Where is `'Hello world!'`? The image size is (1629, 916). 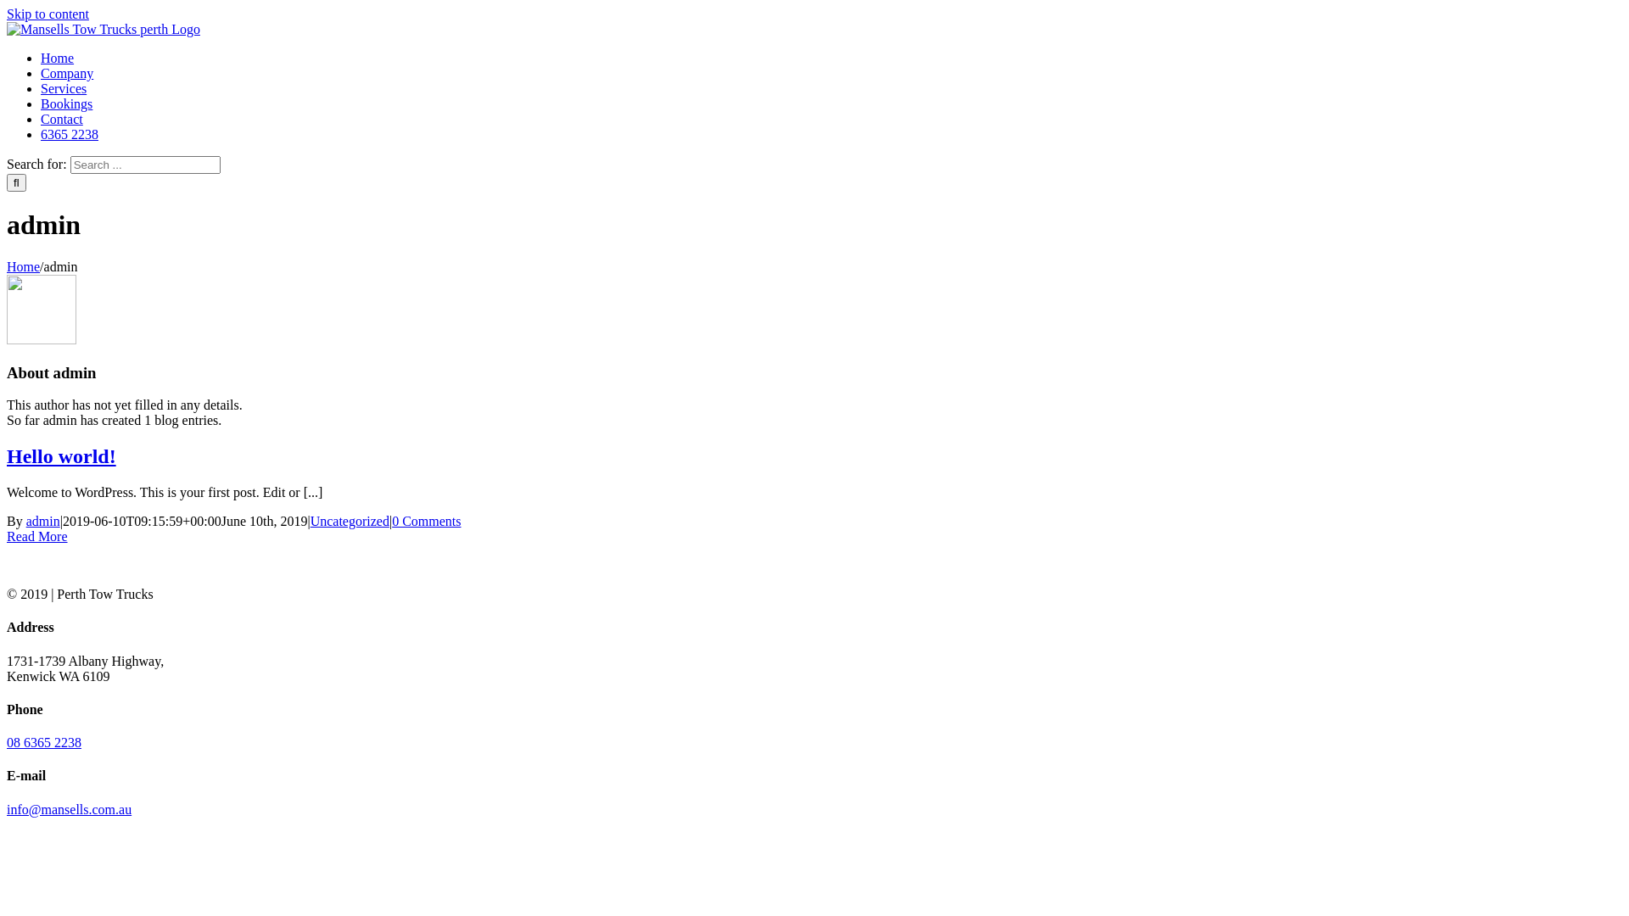
'Hello world!' is located at coordinates (61, 455).